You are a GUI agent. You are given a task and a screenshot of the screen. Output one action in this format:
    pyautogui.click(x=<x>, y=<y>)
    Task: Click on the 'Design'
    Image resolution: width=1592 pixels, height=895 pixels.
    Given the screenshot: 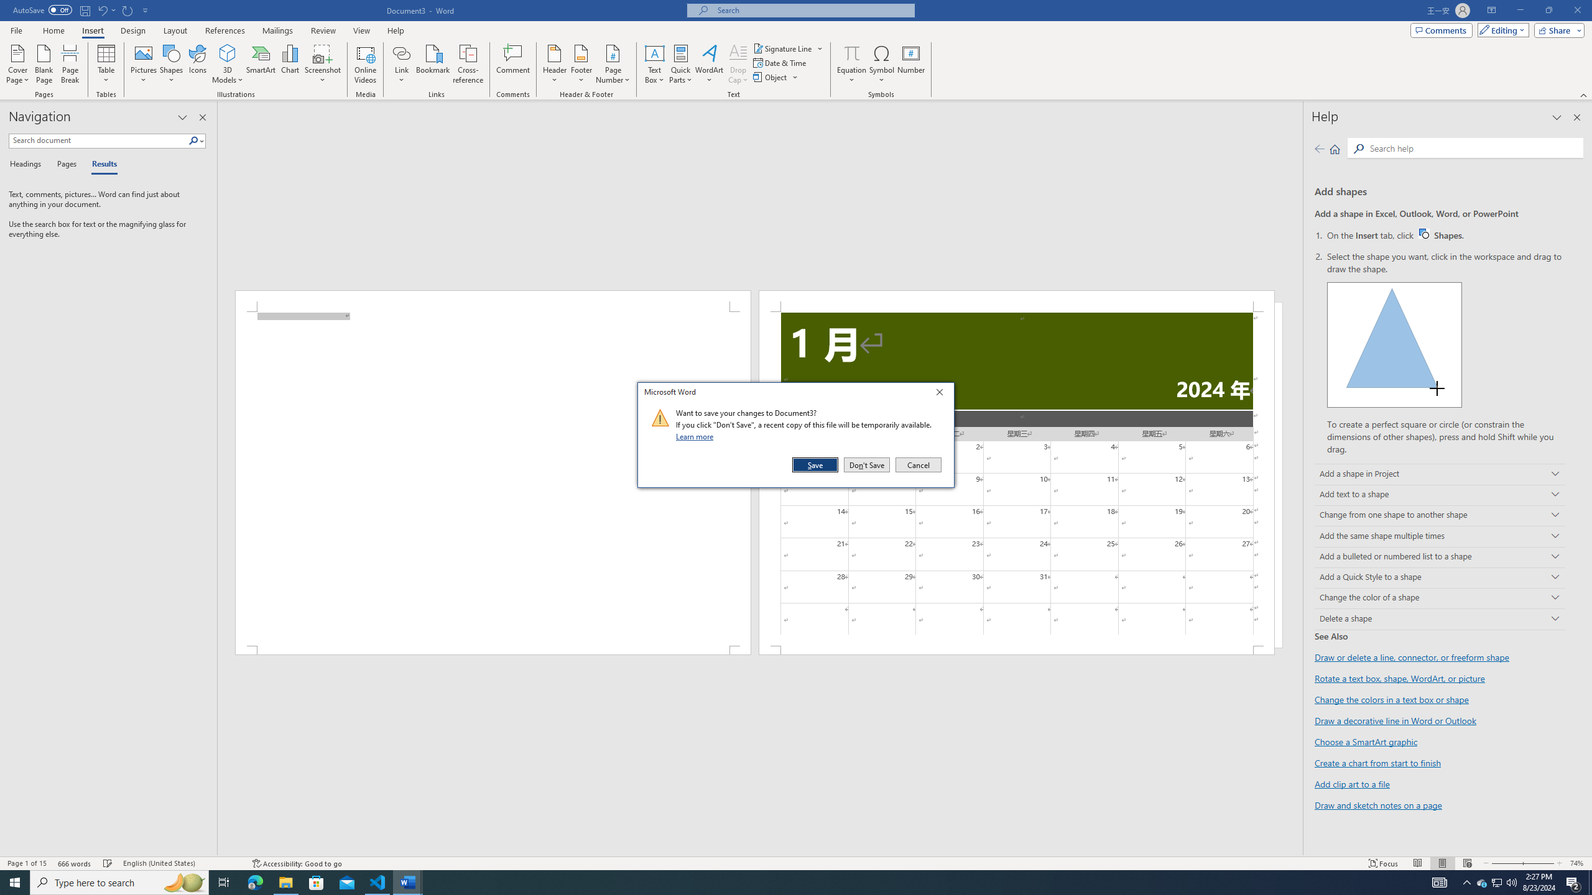 What is the action you would take?
    pyautogui.click(x=134, y=30)
    